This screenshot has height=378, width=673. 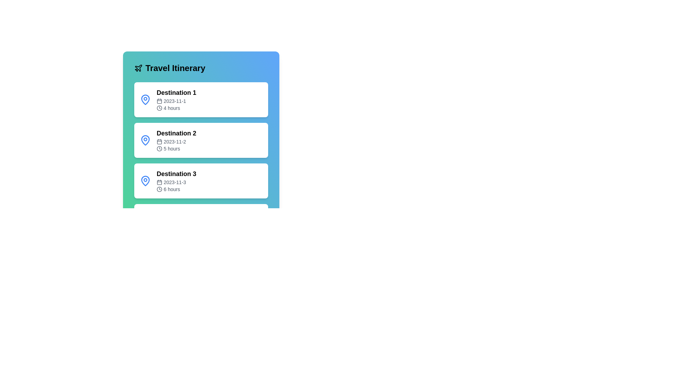 What do you see at coordinates (159, 148) in the screenshot?
I see `the circular clock icon, which is positioned to the left of the text '5 hours' under 'Destination 2'` at bounding box center [159, 148].